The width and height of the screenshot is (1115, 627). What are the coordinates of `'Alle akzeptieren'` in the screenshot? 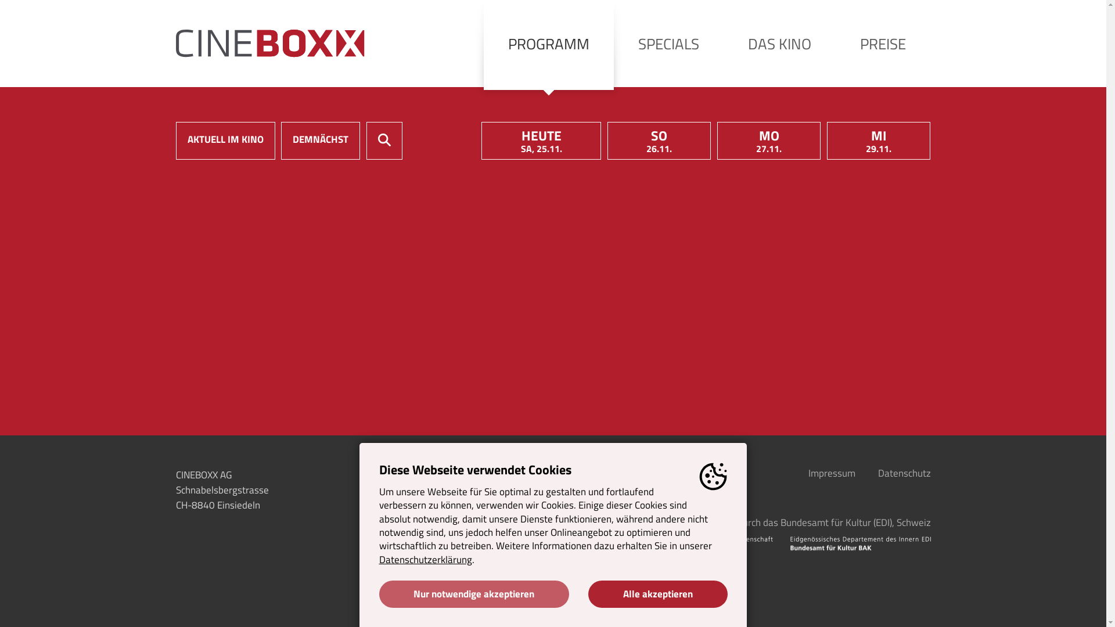 It's located at (657, 594).